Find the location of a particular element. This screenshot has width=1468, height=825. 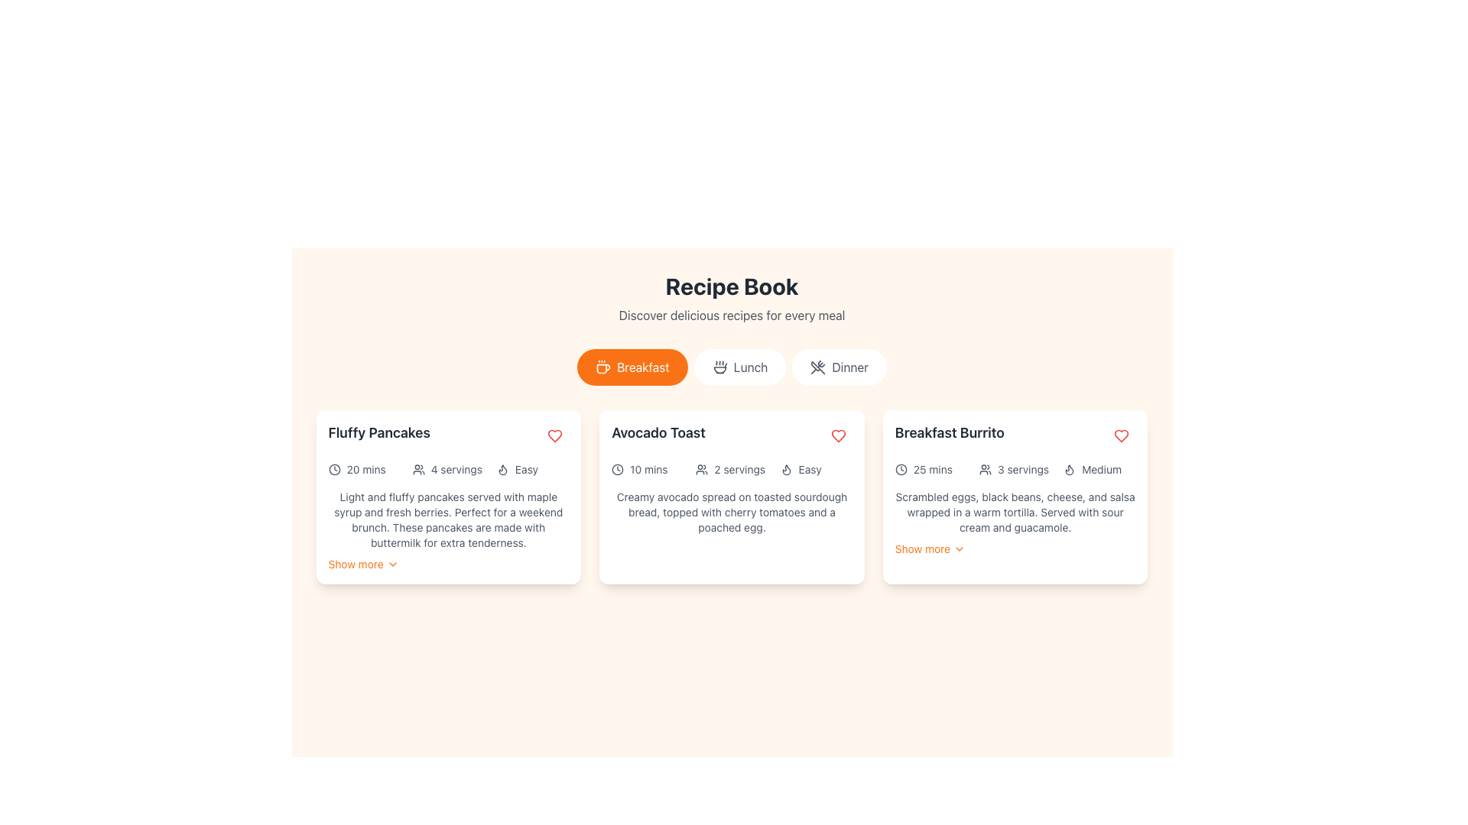

the informational label with the text 'Easy' and flame icon for accessibility, located in the bottom row of the leftmost card under the 'Fluffy Pancakes' heading is located at coordinates (532, 468).